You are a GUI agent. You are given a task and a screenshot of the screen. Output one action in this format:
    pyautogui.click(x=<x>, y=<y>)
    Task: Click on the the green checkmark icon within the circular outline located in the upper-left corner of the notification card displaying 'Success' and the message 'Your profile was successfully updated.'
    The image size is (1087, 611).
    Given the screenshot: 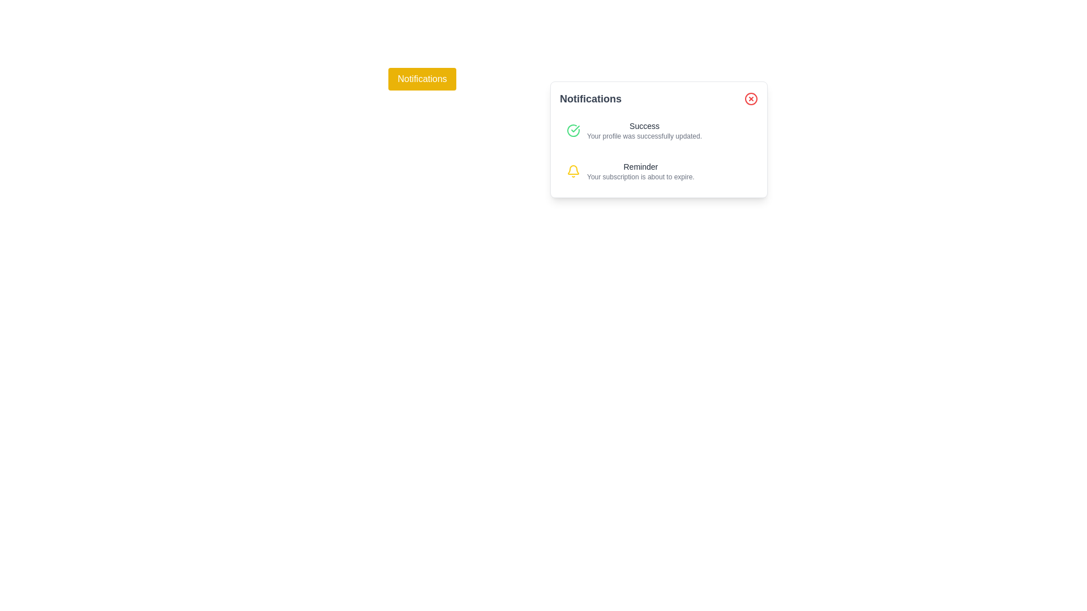 What is the action you would take?
    pyautogui.click(x=573, y=130)
    